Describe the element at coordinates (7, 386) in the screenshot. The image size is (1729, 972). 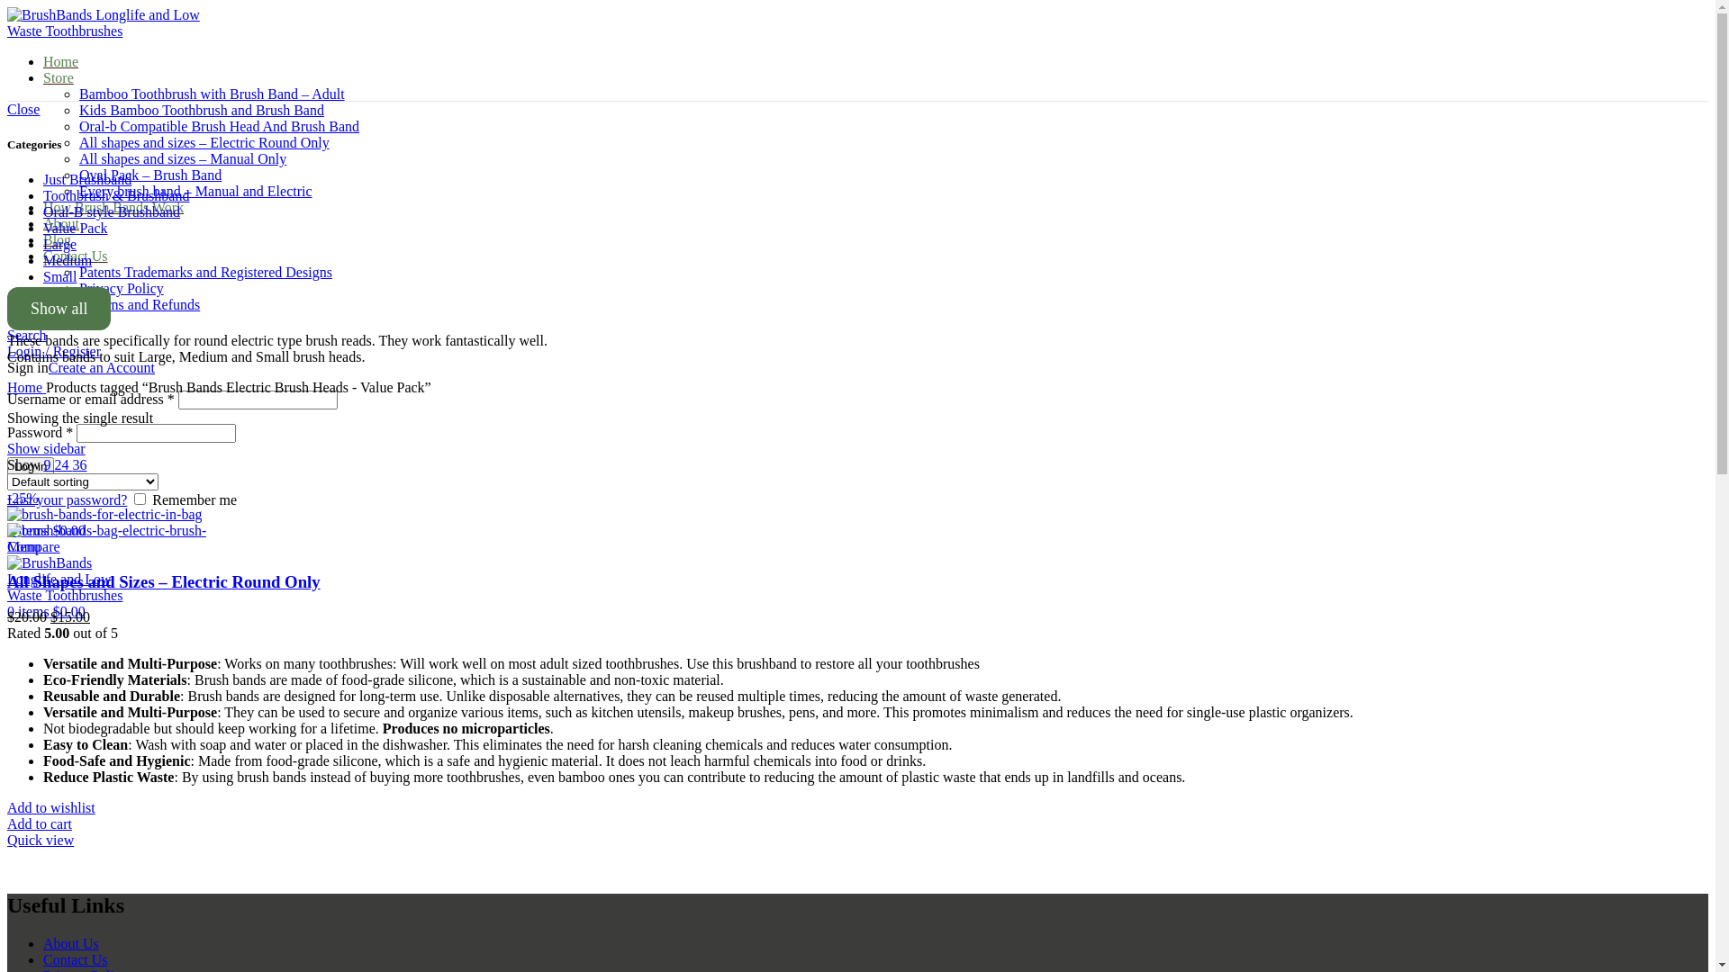
I see `'Home'` at that location.